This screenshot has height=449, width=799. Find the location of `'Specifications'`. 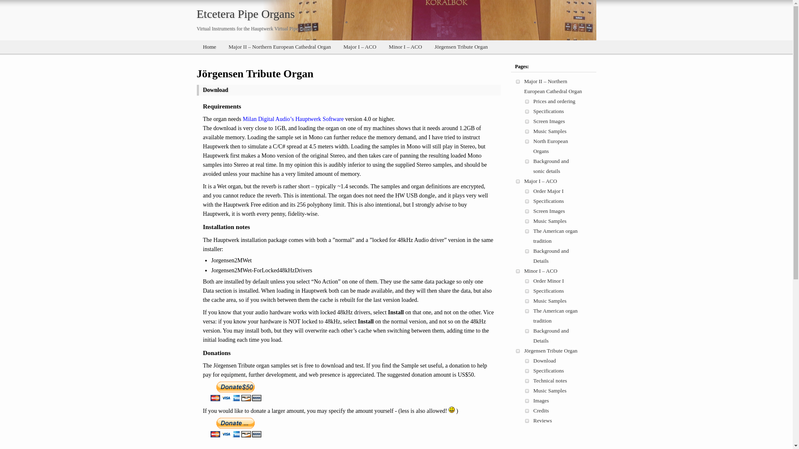

'Specifications' is located at coordinates (549, 111).